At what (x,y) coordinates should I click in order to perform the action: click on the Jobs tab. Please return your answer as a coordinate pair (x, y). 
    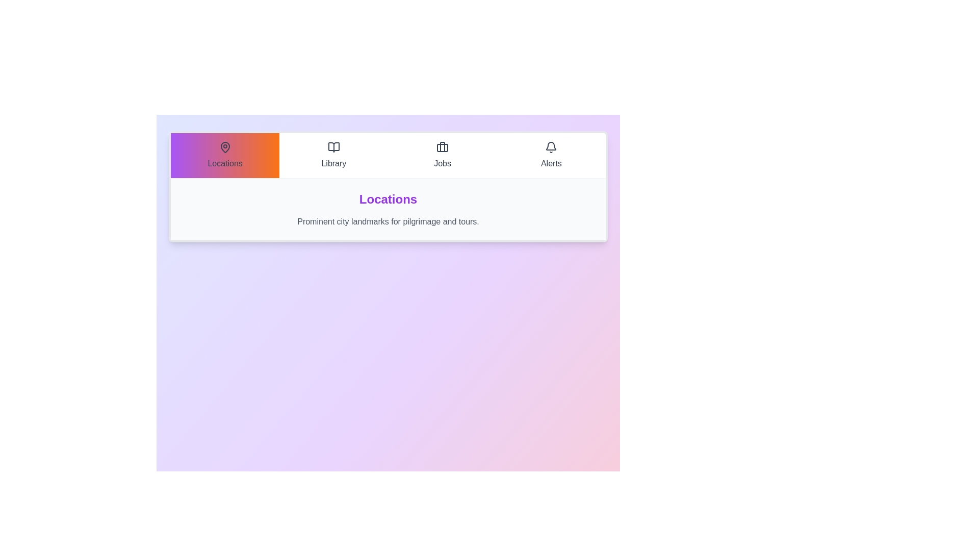
    Looking at the image, I should click on (443, 155).